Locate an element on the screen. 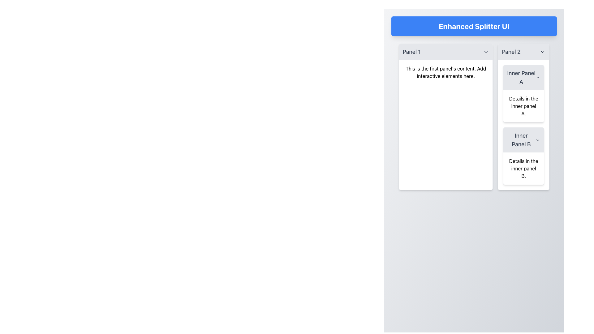  the upper card labeled 'Inner Panel A' in the right panel is located at coordinates (523, 94).